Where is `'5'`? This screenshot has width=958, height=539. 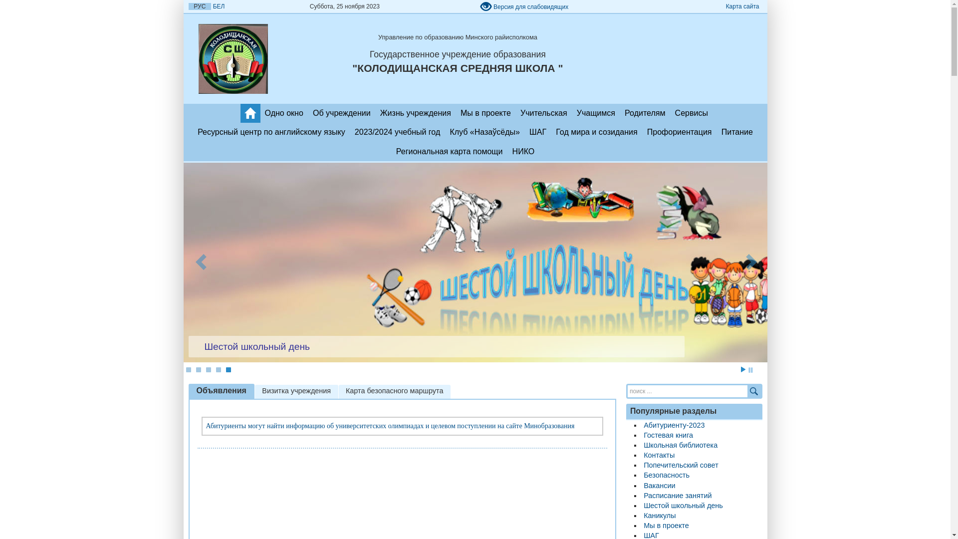 '5' is located at coordinates (227, 369).